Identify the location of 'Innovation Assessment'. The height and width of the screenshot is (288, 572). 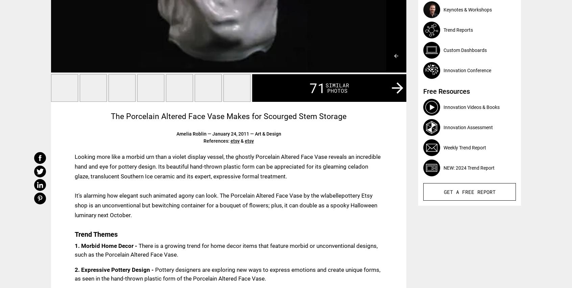
(468, 127).